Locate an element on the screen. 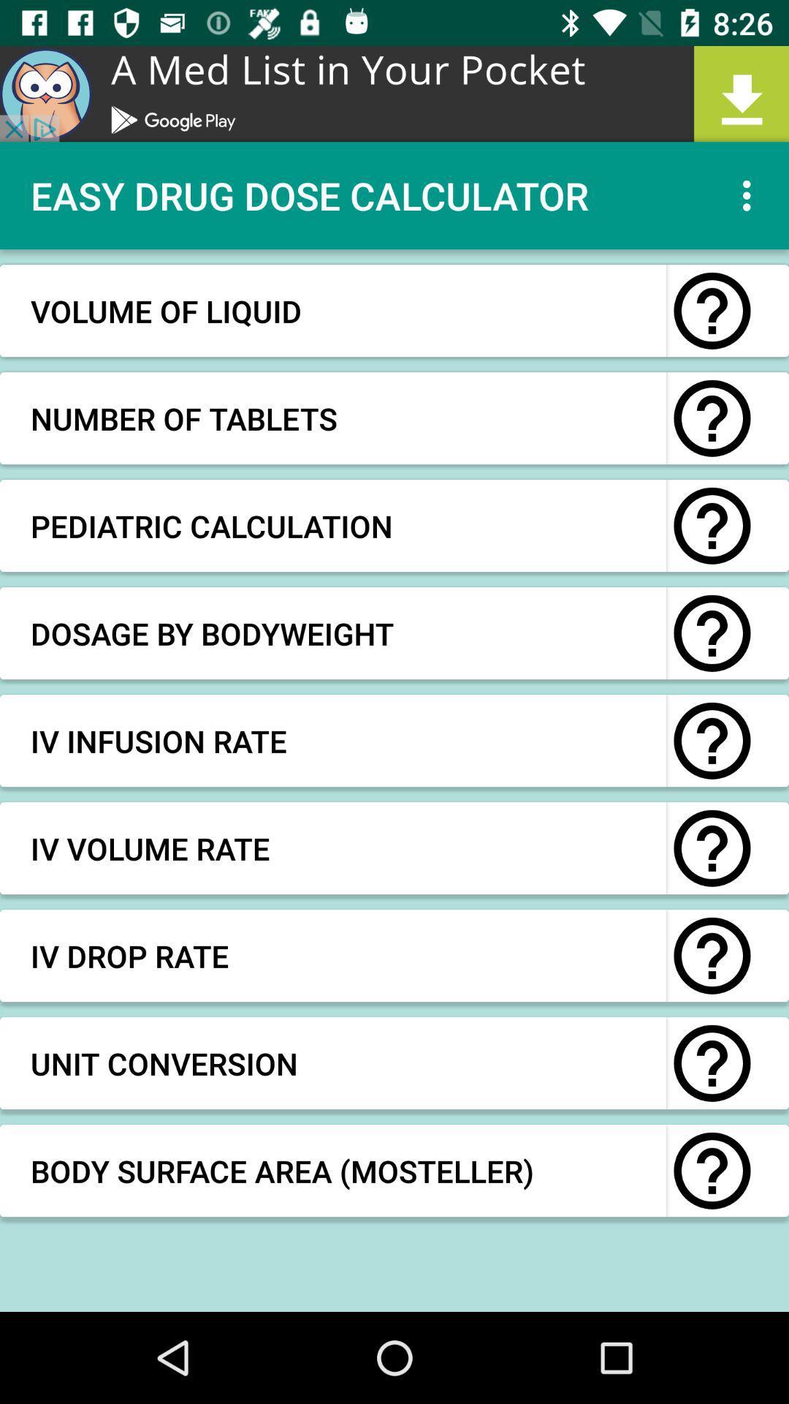 This screenshot has height=1404, width=789. button is located at coordinates (712, 633).